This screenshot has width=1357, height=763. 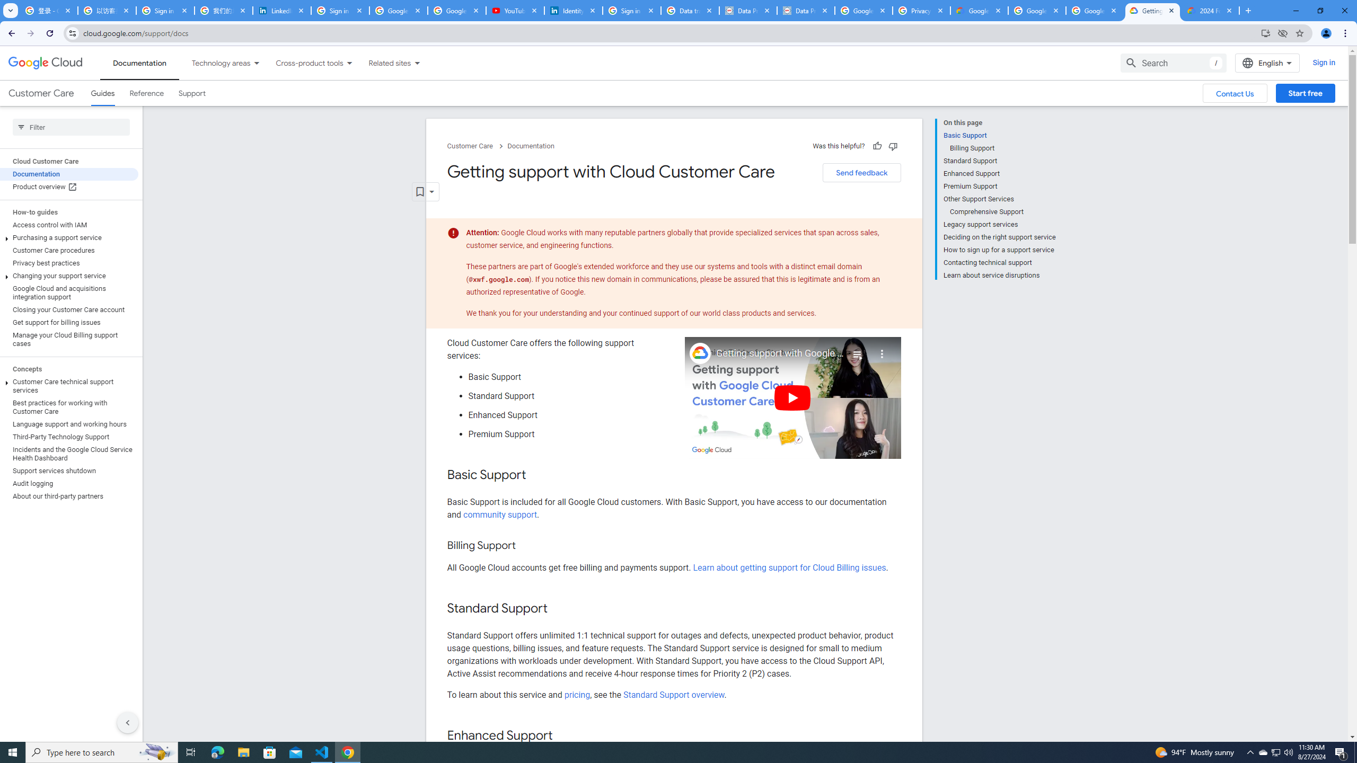 What do you see at coordinates (700, 353) in the screenshot?
I see `'Photo image of Google Cloud Tech'` at bounding box center [700, 353].